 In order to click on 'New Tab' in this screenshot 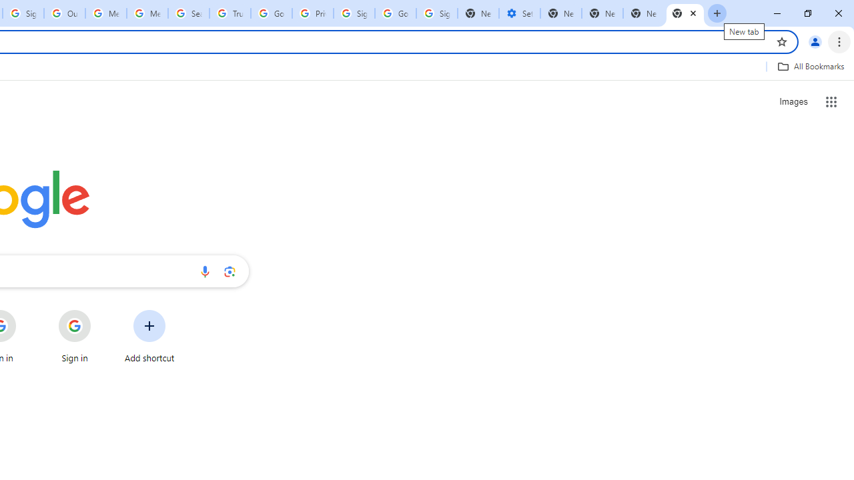, I will do `click(644, 13)`.